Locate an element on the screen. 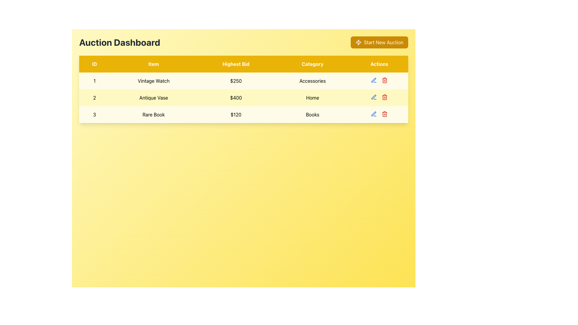 This screenshot has width=578, height=325. the third column header in the auction dashboard table, which labels the highest bid values for items, located between the 'Item' and 'Category' headers is located at coordinates (235, 64).